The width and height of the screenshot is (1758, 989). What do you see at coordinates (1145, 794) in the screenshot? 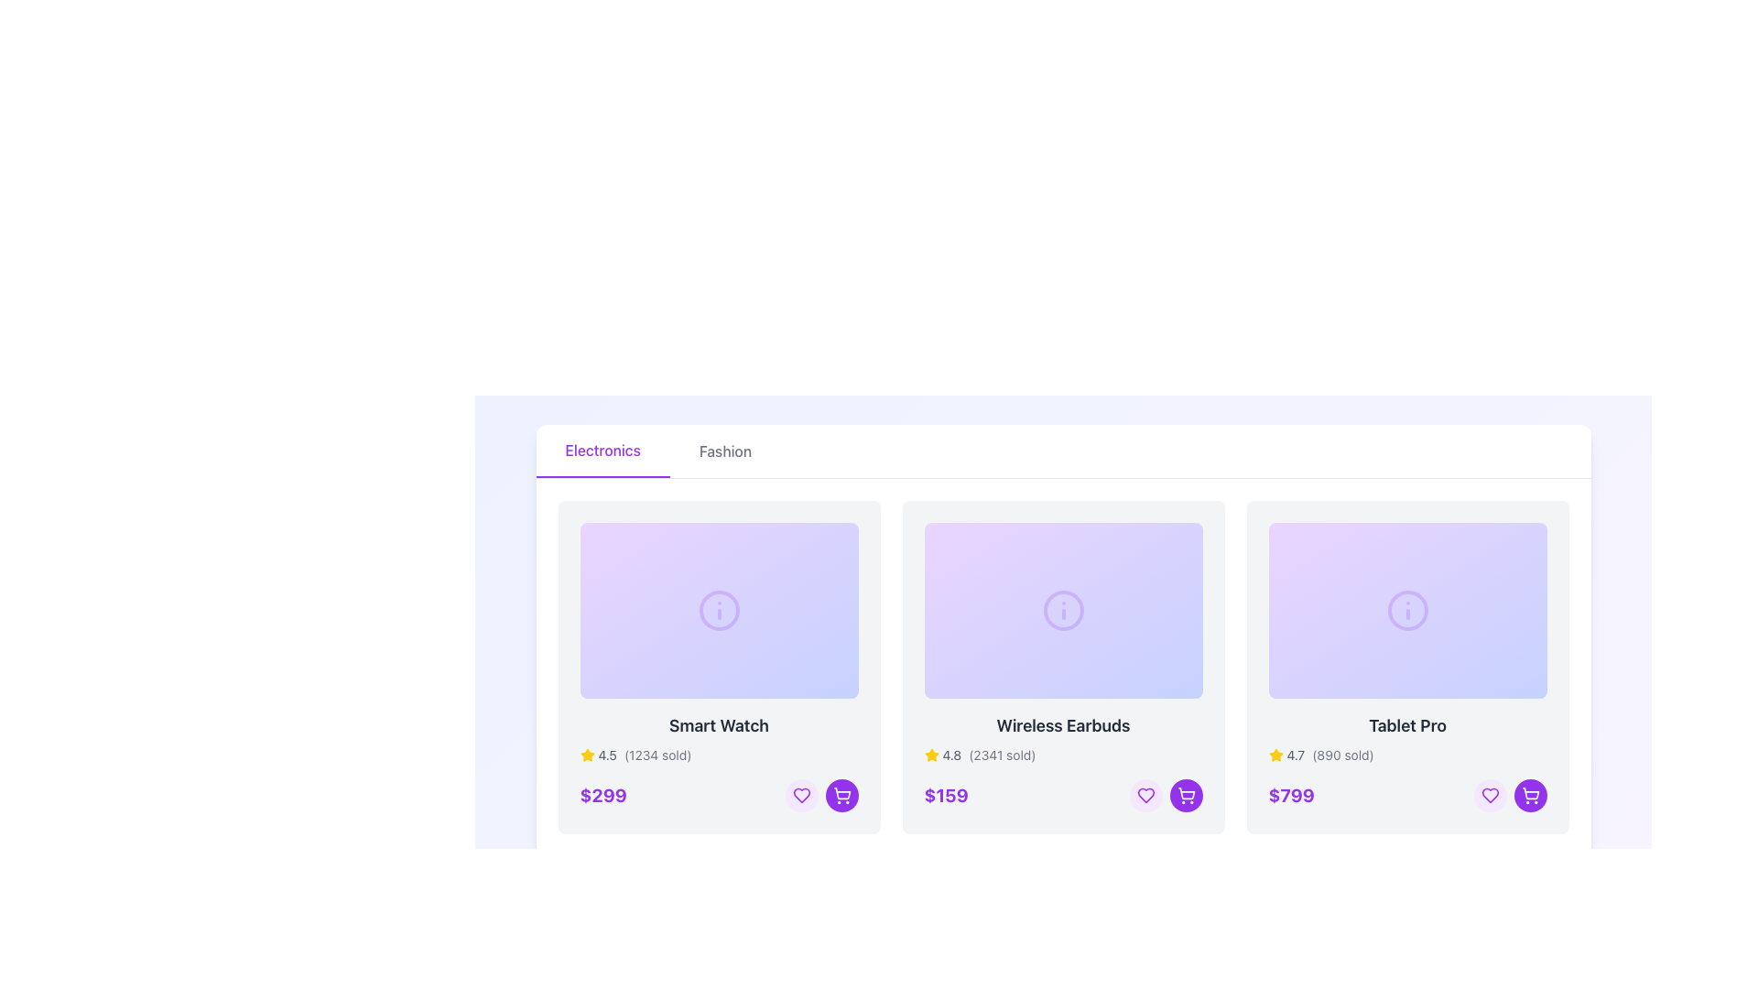
I see `the favorite icon located in the bottom-right corner of the 'Wireless Earbuds' product card` at bounding box center [1145, 794].